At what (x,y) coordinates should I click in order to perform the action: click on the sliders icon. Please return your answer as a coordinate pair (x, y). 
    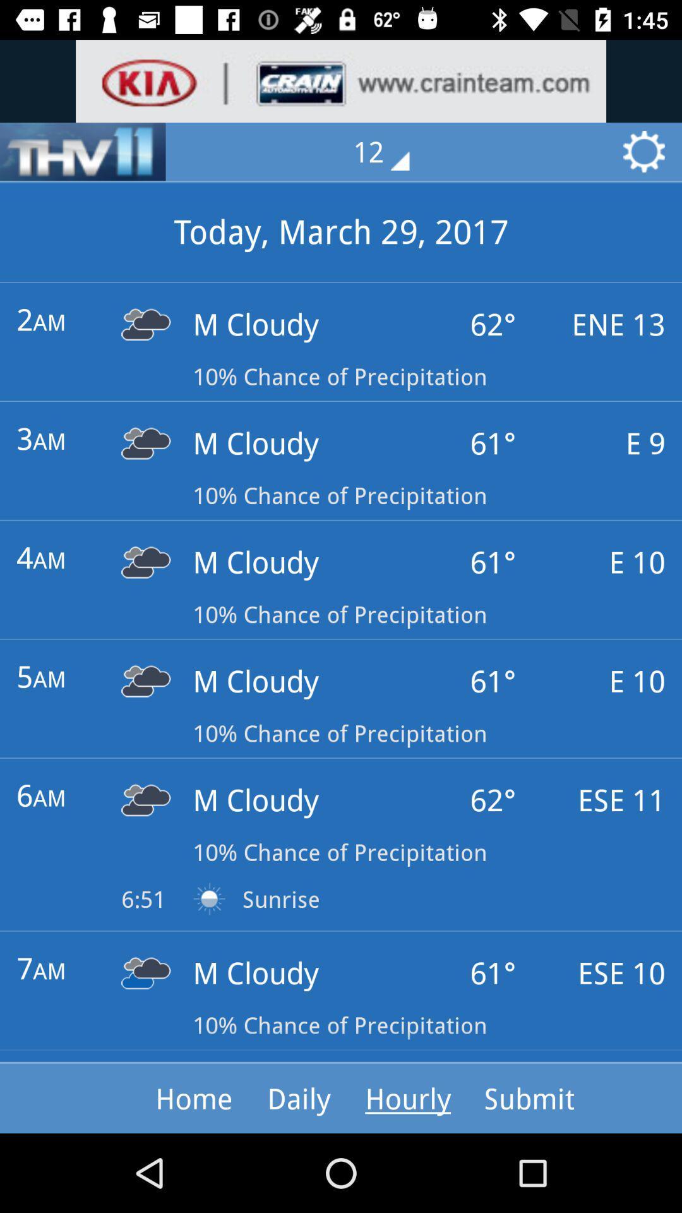
    Looking at the image, I should click on (83, 152).